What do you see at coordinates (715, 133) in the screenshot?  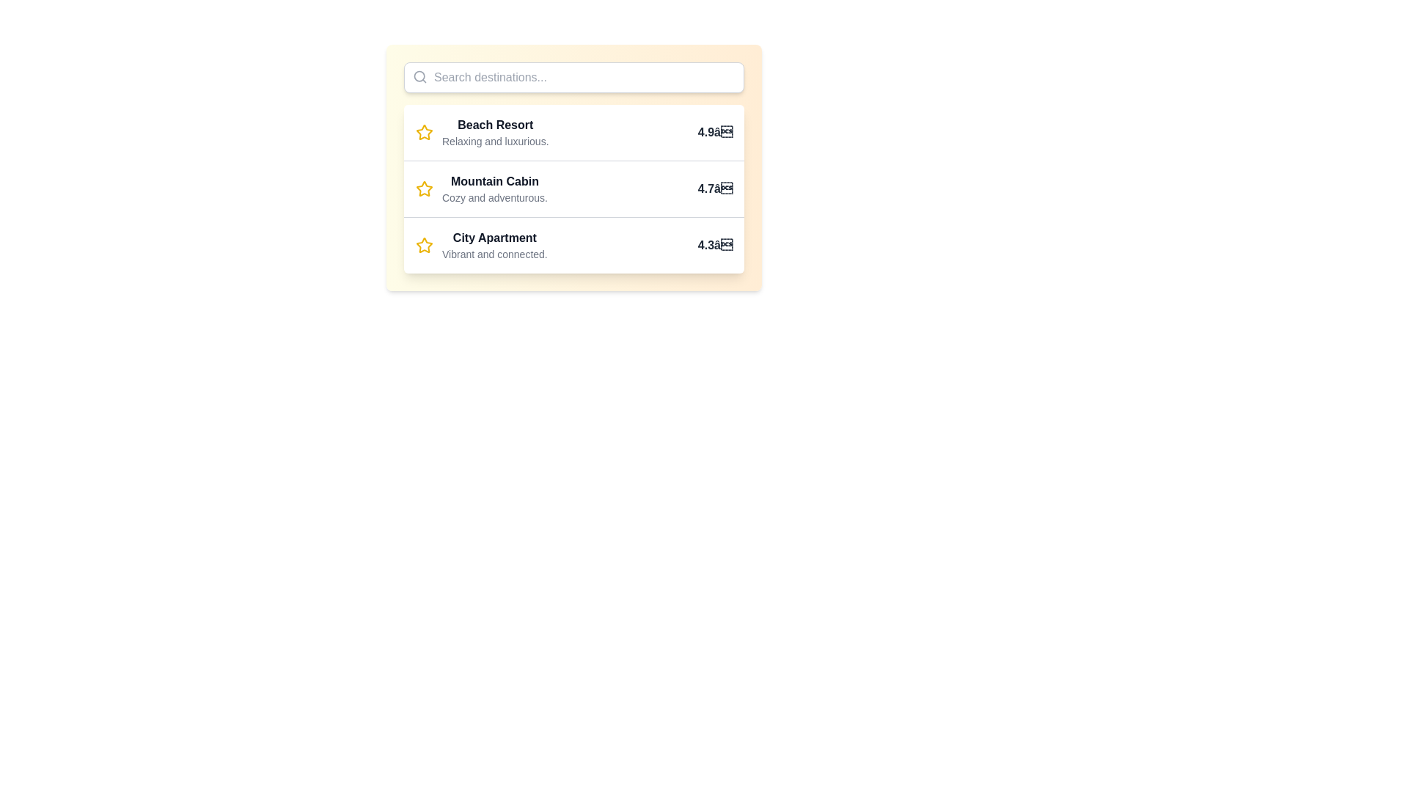 I see `the text element displaying '4.9â­', which is styled as a rating indicator and located to the right of the title 'Beach Resort'` at bounding box center [715, 133].